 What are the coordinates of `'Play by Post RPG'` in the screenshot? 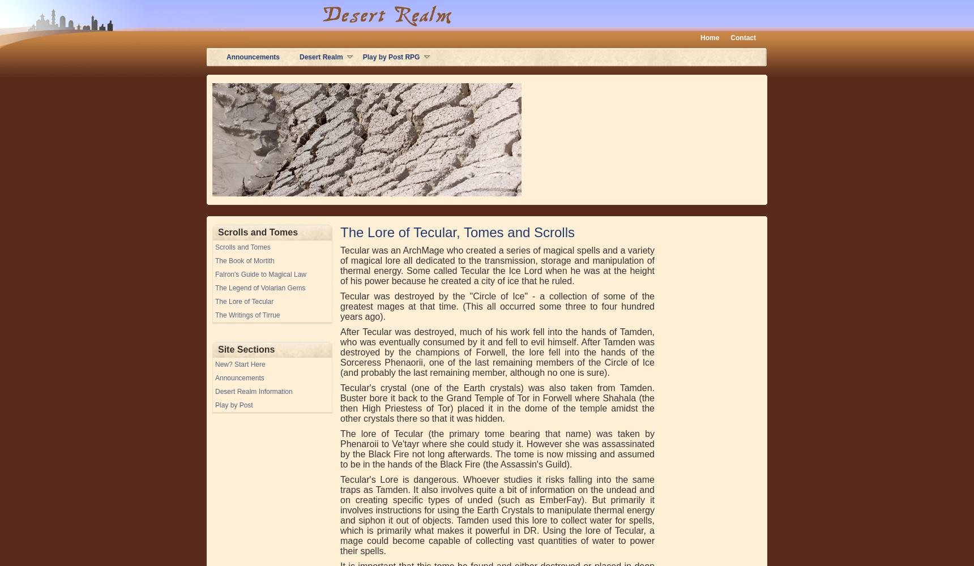 It's located at (391, 57).